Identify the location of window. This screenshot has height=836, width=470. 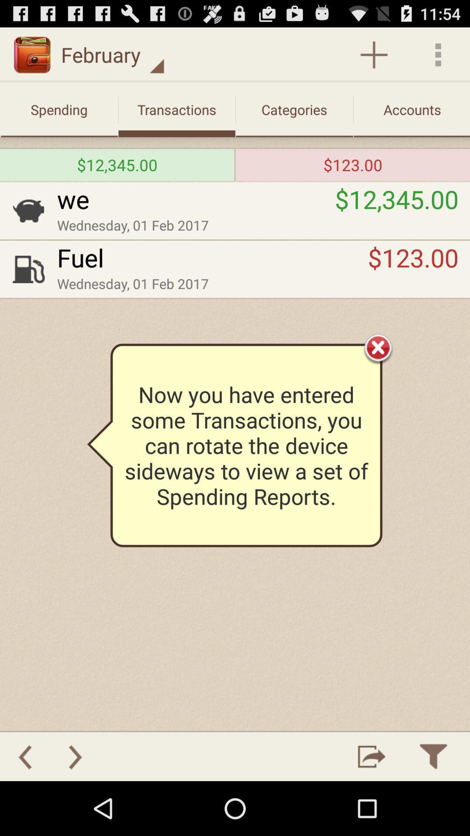
(378, 347).